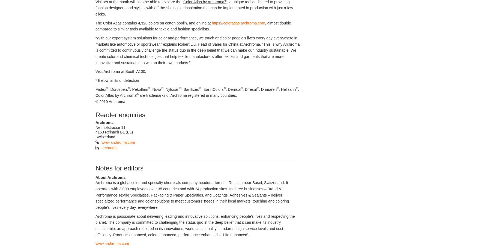 This screenshot has width=502, height=249. What do you see at coordinates (139, 89) in the screenshot?
I see `', Pekoflam'` at bounding box center [139, 89].